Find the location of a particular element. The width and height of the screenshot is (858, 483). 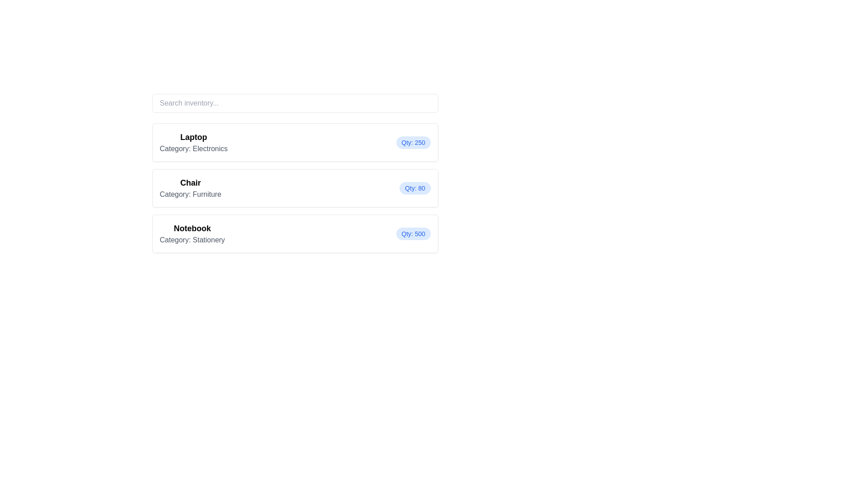

the Text Display Unit that shows the product name 'Notebook' and category 'Stationery', located in the left-aligned text group of the third list item is located at coordinates (192, 233).